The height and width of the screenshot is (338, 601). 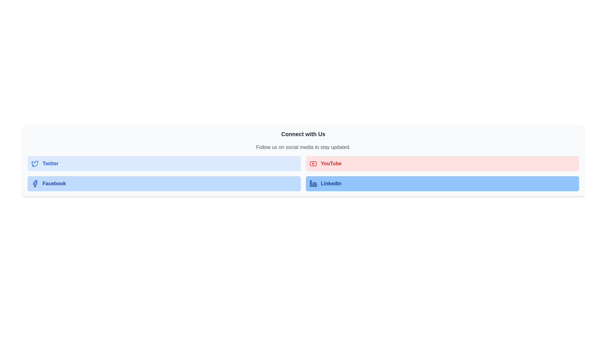 I want to click on the 'YouTube' text label, which is visually represented alongside an icon and located within a red-highlighted rectangular area, so click(x=331, y=163).